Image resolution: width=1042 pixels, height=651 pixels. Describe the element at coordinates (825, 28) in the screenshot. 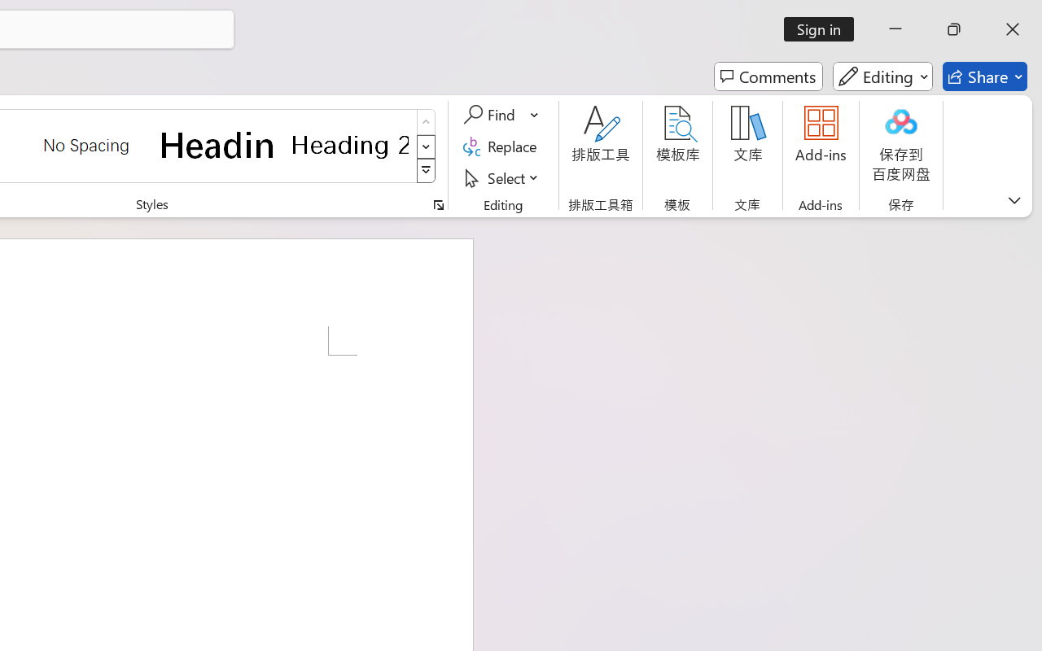

I see `'Sign in'` at that location.